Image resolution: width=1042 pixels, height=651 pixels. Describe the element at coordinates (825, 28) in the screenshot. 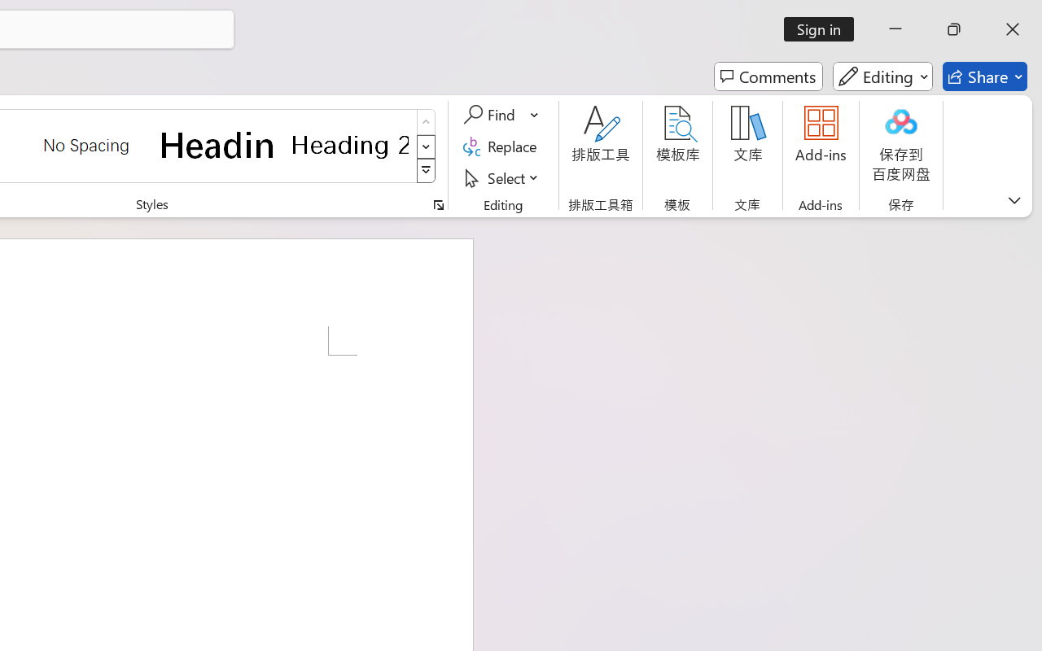

I see `'Sign in'` at that location.